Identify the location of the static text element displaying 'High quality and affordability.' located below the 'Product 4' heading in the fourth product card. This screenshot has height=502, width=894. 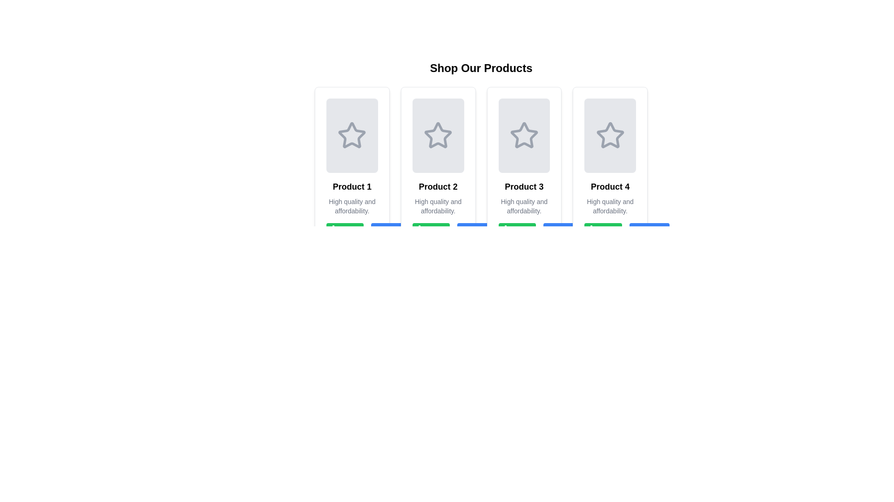
(610, 205).